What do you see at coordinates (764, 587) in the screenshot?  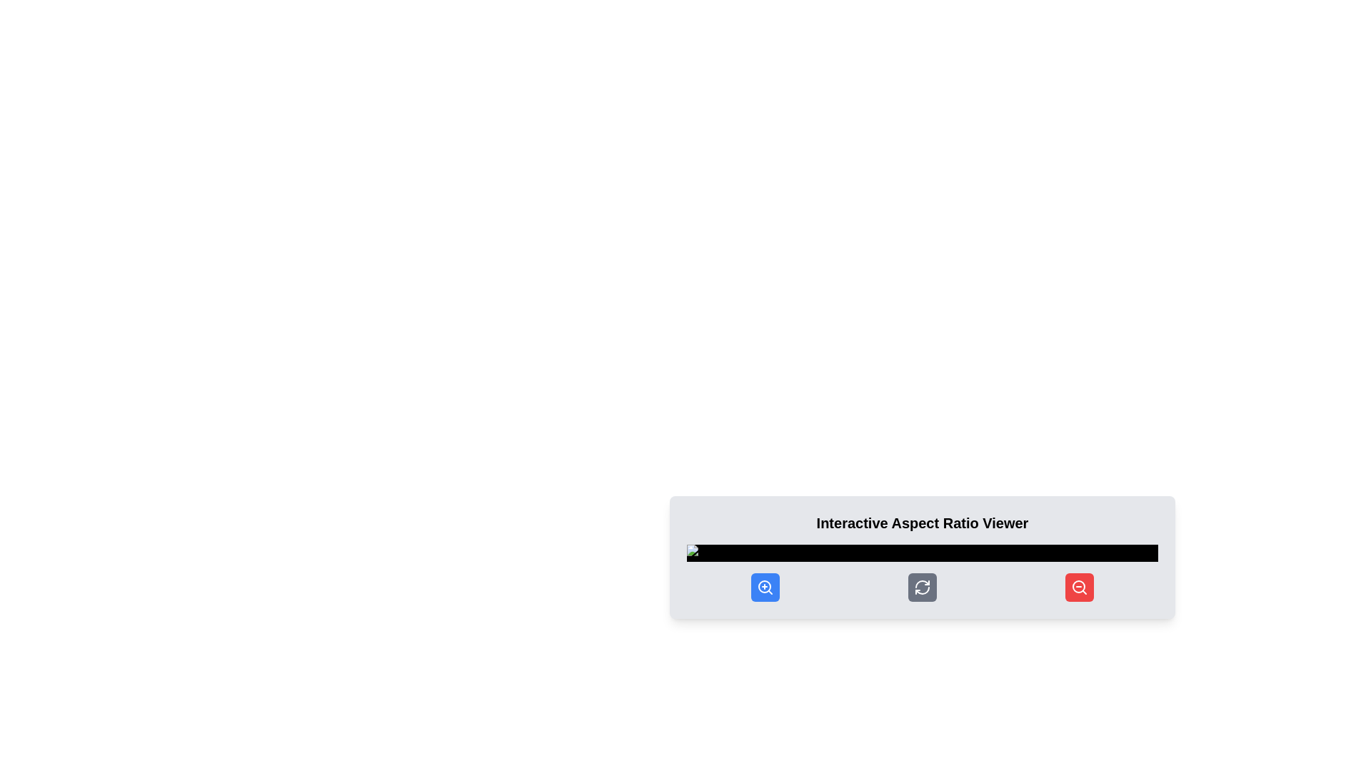 I see `the zoom-in button located centrally at the bottom of the toolbar` at bounding box center [764, 587].